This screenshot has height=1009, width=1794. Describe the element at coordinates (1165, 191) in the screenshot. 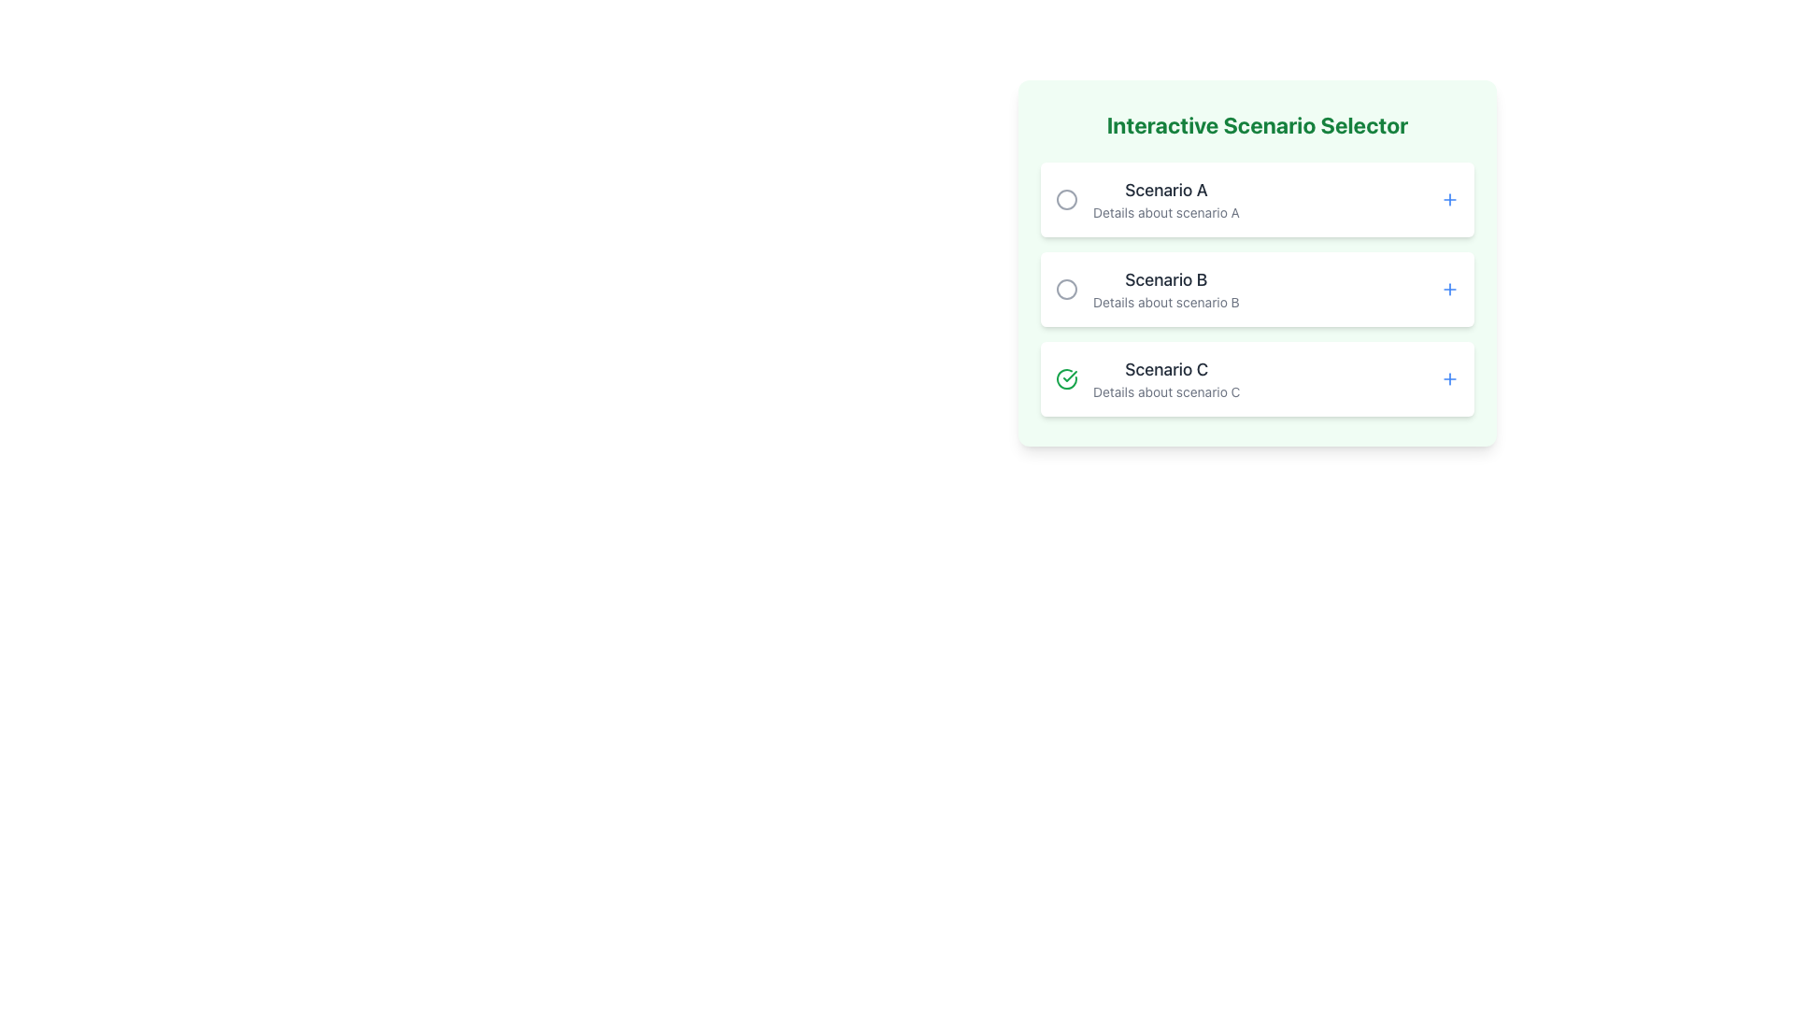

I see `the text label identifying 'Scenario A' to enhance accessibility for users` at that location.